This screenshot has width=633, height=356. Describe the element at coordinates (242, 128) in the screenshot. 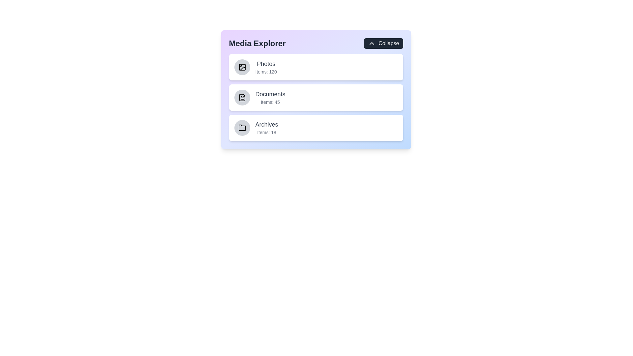

I see `the icon representing the Archives category` at that location.